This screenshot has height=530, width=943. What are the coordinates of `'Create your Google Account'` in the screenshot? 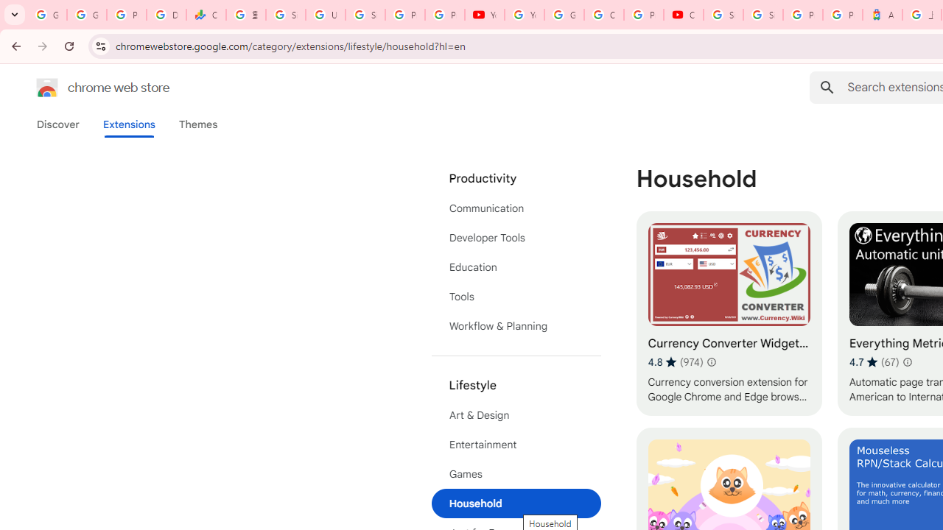 It's located at (603, 15).